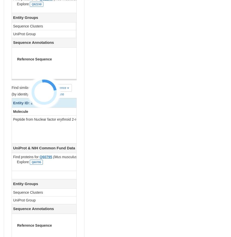 The width and height of the screenshot is (231, 237). I want to click on '100% Identity', so click(210, 26).